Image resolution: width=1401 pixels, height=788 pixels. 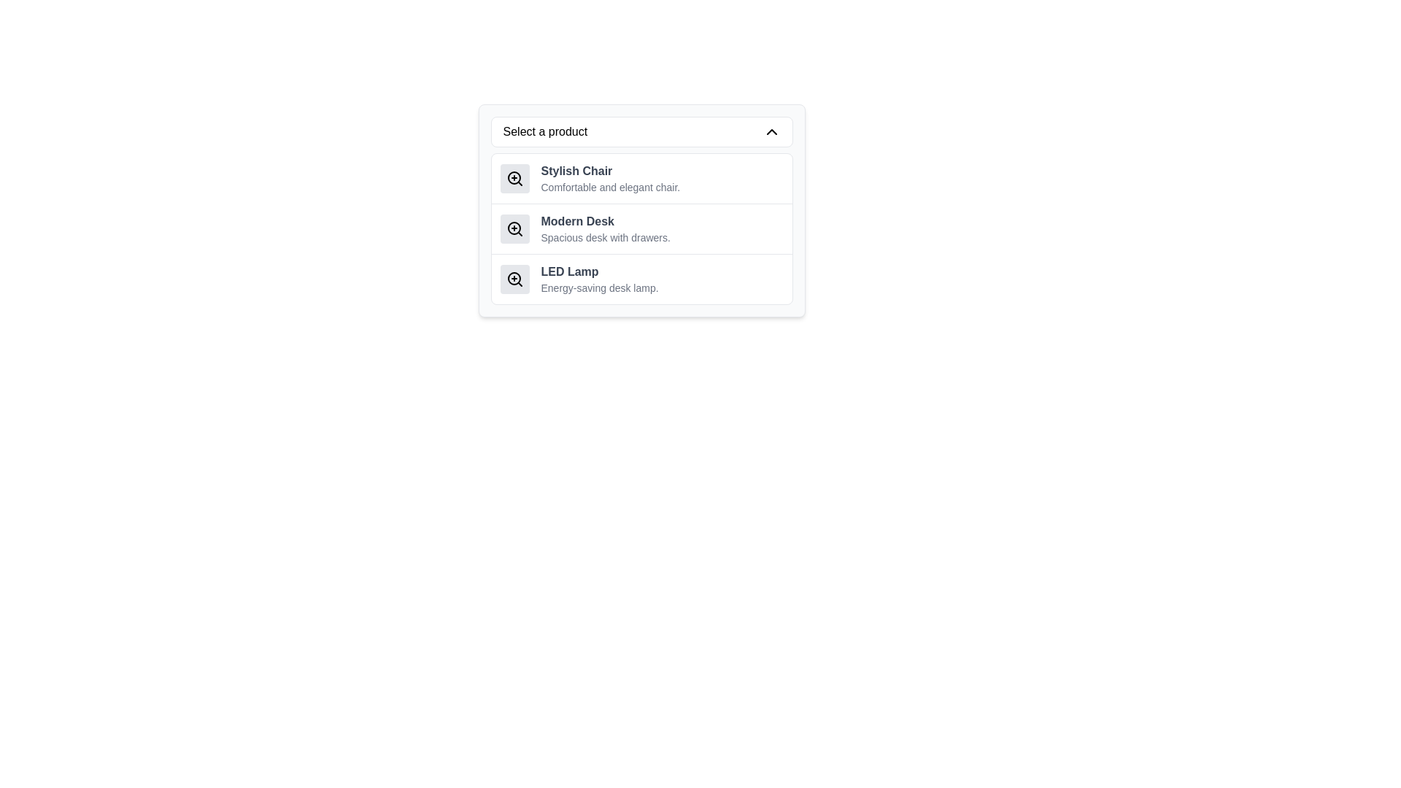 I want to click on product information from the text block displaying 'Modern Desk' and its description 'Spacious desk with drawers.', so click(x=606, y=228).